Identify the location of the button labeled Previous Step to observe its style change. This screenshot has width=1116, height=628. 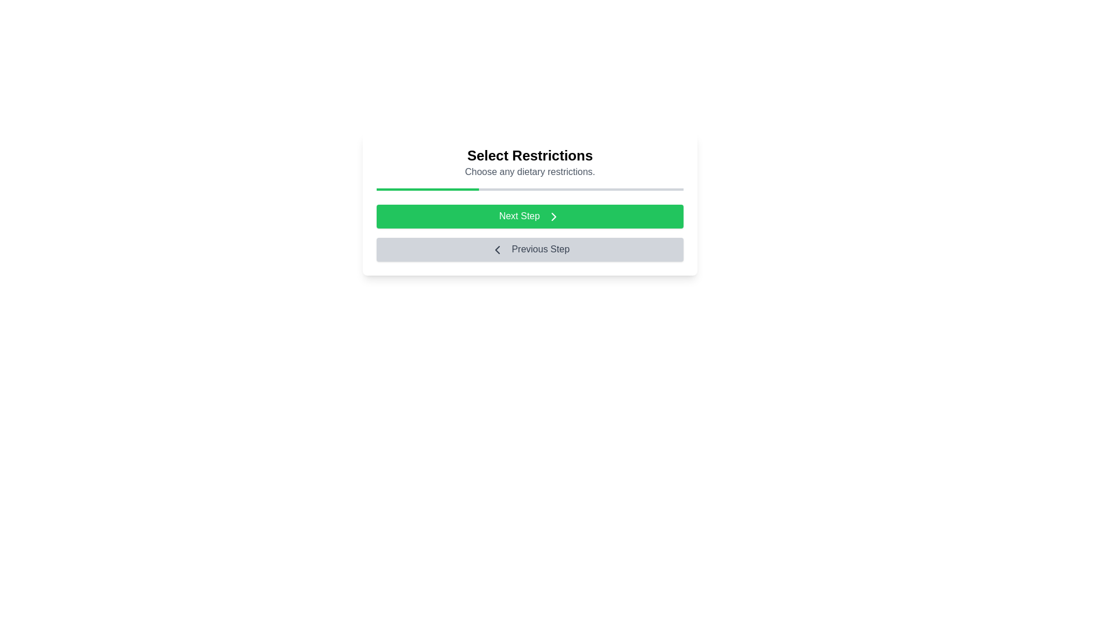
(530, 249).